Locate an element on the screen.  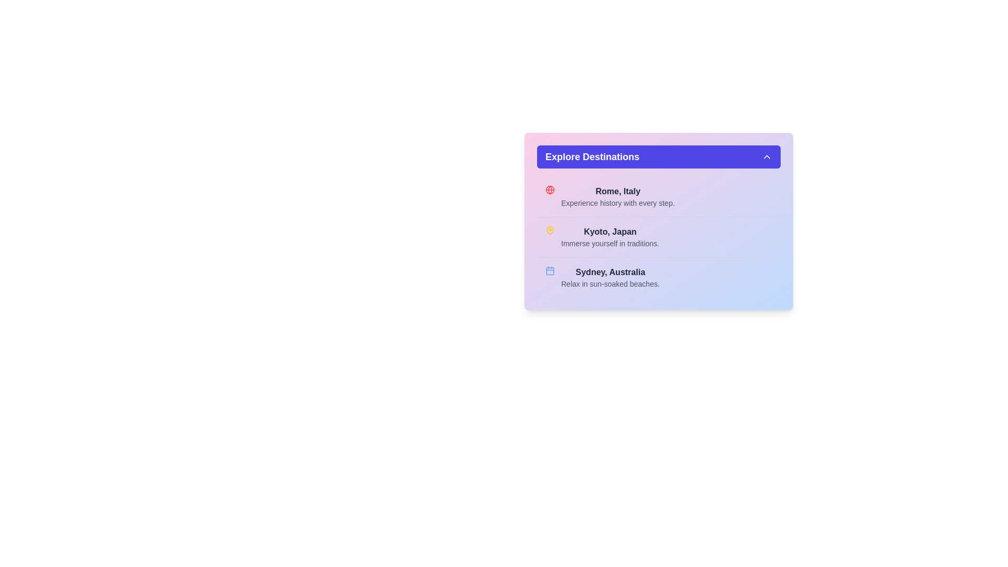
text label that reads 'Rome, Italy', which is styled in bold and dark gray font and located at the top of the list within the card titled 'Explore Destinations' is located at coordinates (618, 192).